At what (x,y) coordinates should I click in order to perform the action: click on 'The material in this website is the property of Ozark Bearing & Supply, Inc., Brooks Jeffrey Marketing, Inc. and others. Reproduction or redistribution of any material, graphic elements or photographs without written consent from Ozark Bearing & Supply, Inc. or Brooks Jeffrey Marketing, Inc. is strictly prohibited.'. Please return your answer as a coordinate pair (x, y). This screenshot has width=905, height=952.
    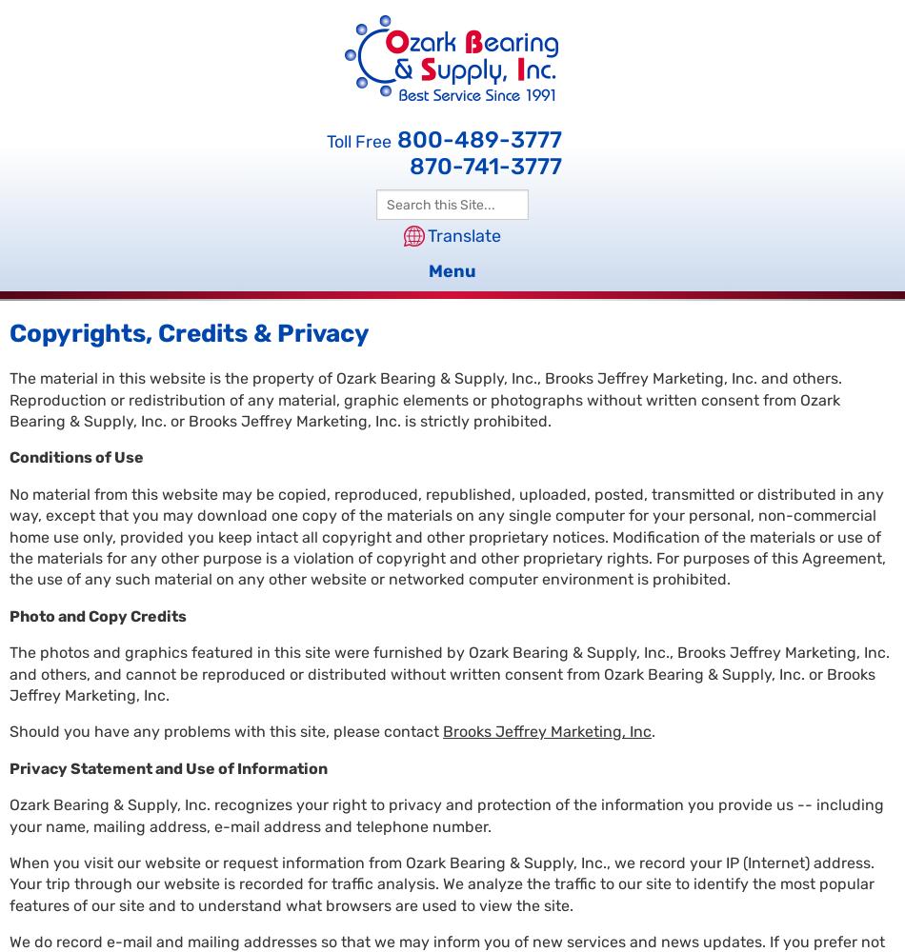
    Looking at the image, I should click on (424, 400).